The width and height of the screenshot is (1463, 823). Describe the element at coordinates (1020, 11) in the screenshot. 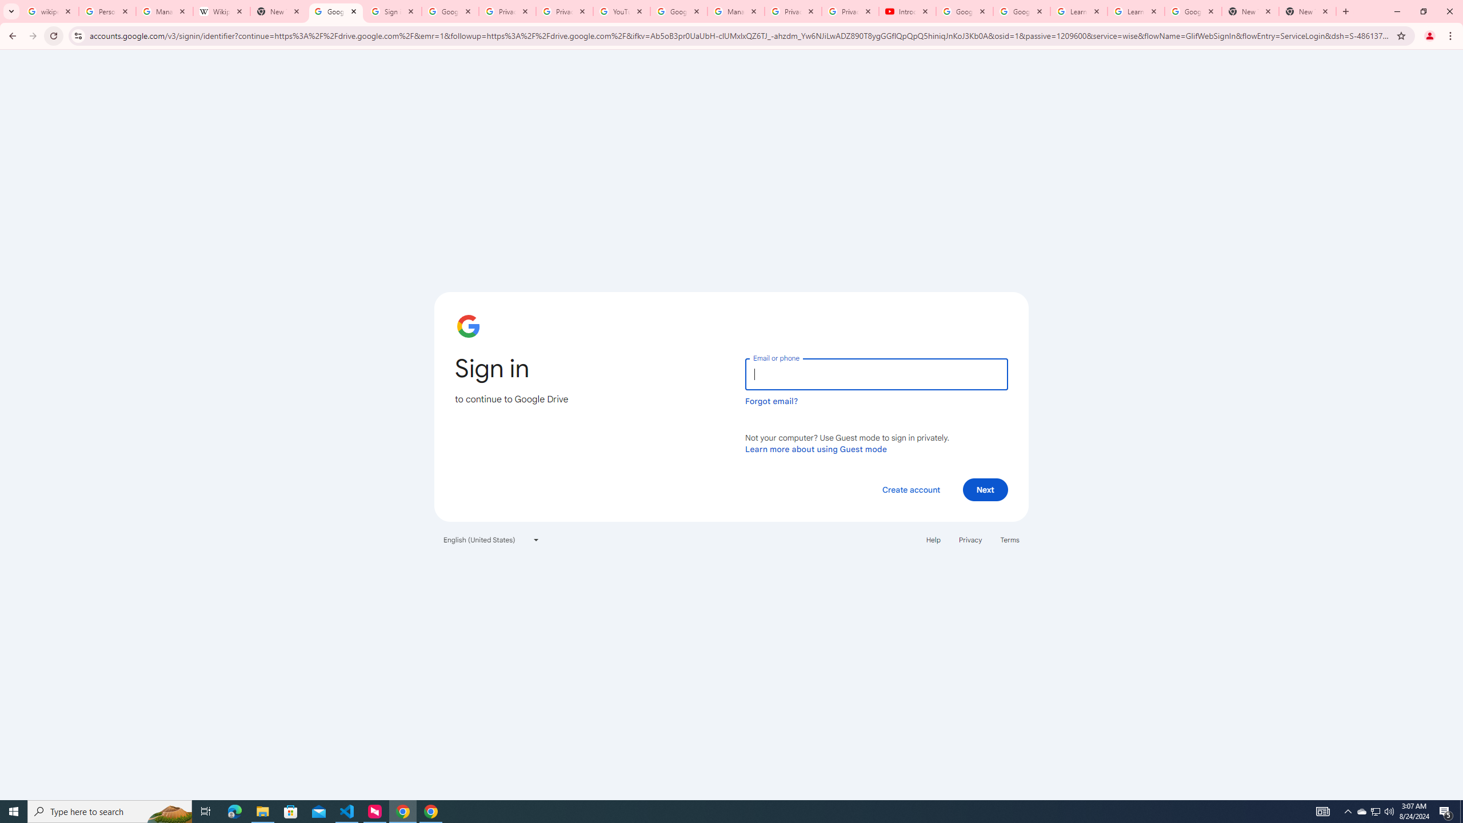

I see `'Google Account Help'` at that location.